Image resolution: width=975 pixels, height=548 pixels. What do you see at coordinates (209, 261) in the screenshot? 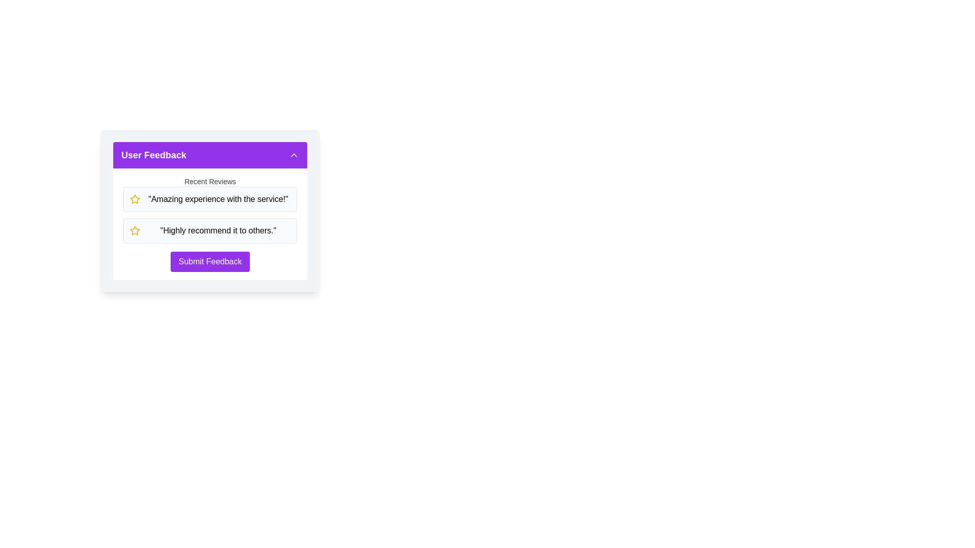
I see `the 'Submit Feedback' button, which has a purple background and white text, located under the 'User Feedback' section` at bounding box center [209, 261].